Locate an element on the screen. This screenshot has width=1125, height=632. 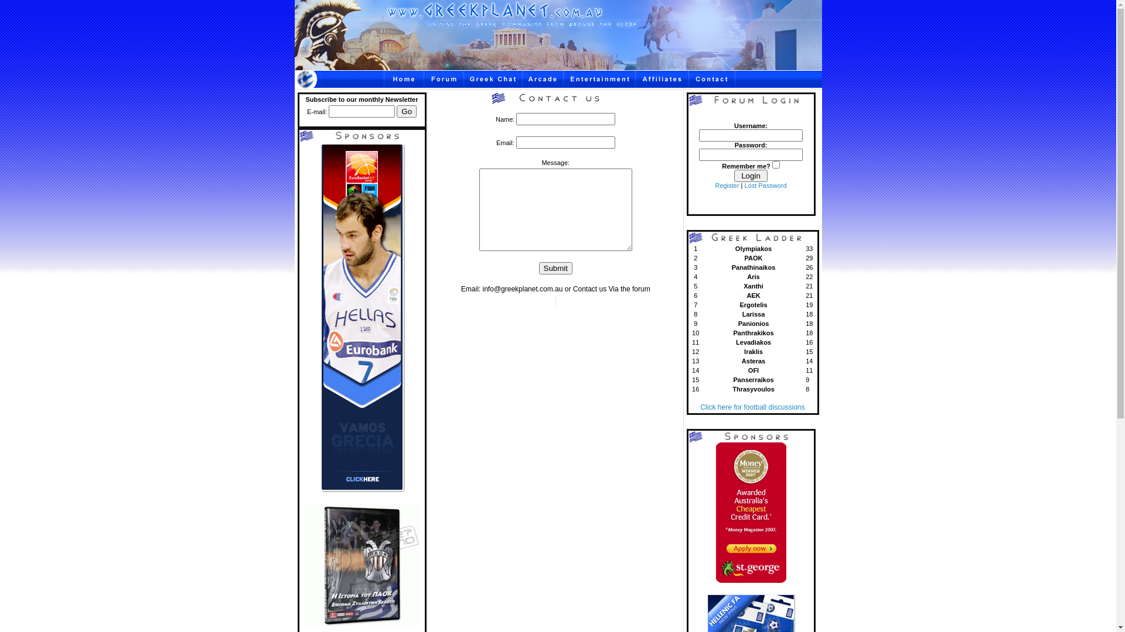
' Login ' is located at coordinates (733, 176).